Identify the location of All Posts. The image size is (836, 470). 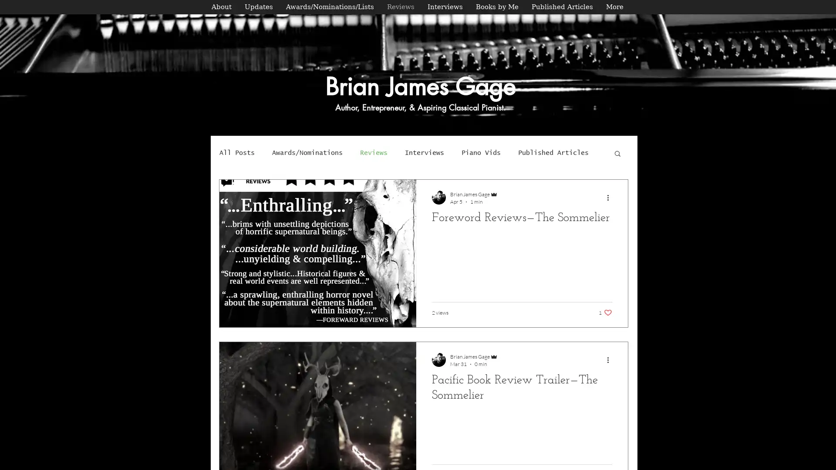
(237, 152).